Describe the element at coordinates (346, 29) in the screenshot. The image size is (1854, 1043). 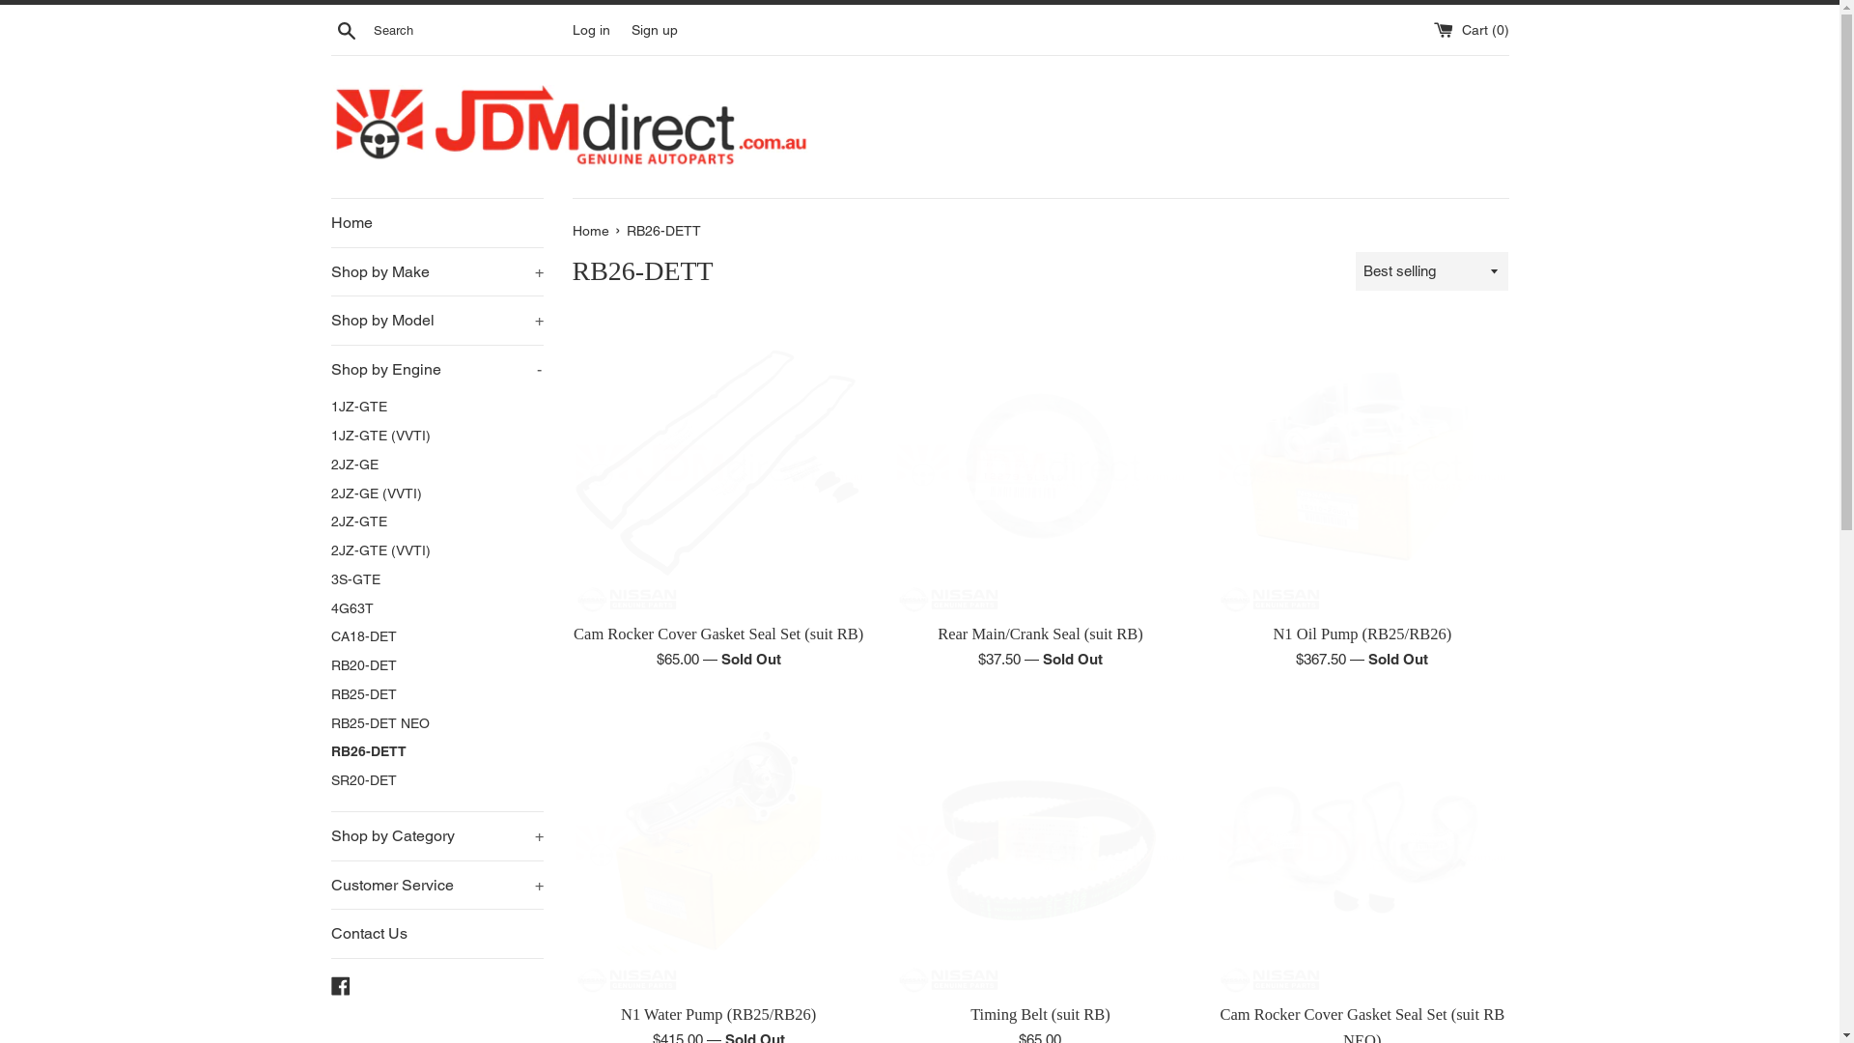
I see `'Search'` at that location.